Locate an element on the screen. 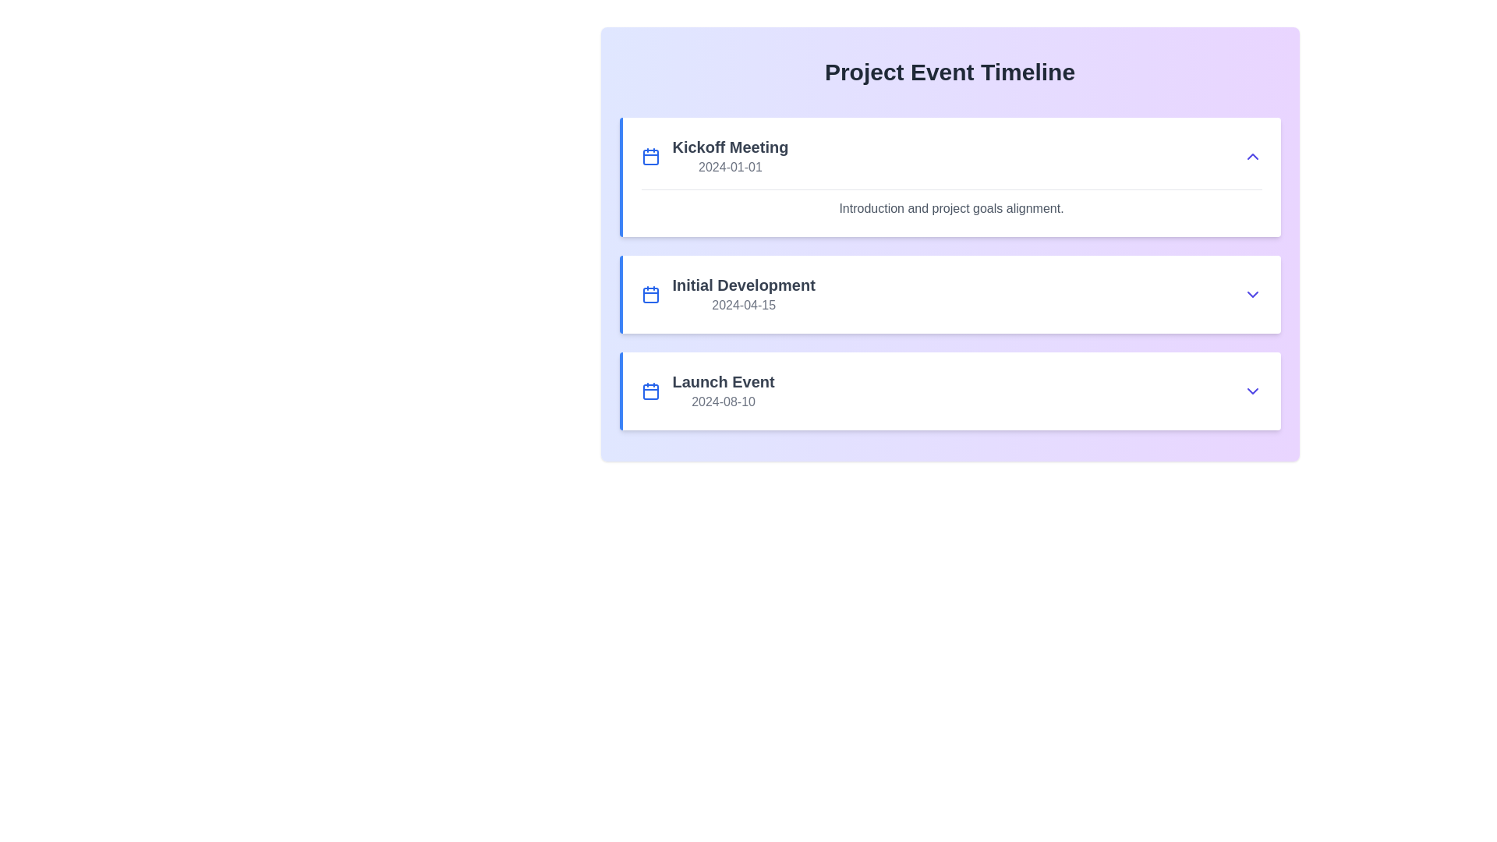  the calendar icon, which is styled in blue and features a rectangular shape with tabs and a grid-like pattern, positioned to the left of 'Kickoff Meeting 2024-01-01' in the top event card of the timeline component is located at coordinates (650, 156).